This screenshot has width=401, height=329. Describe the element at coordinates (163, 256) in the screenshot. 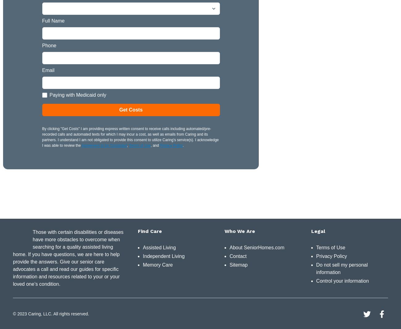

I see `'Independent Living'` at that location.